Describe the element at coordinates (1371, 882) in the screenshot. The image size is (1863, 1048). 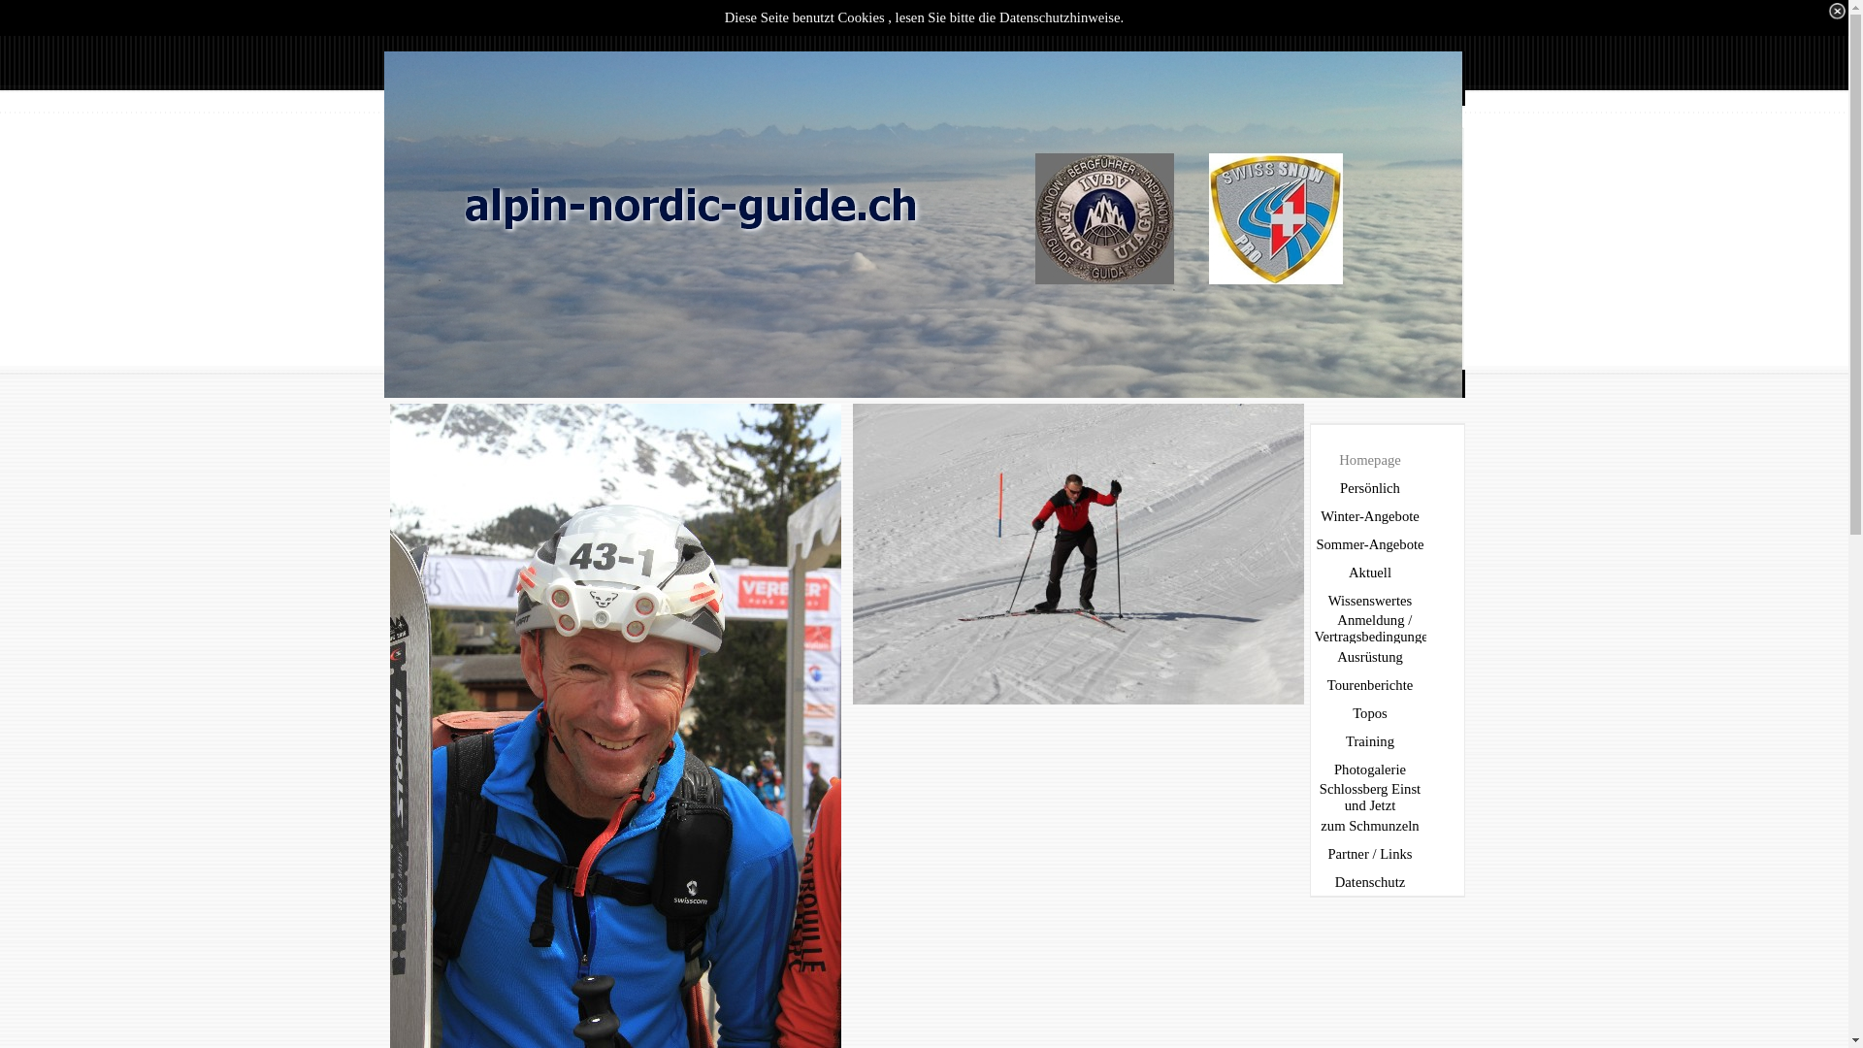
I see `'Datenschutz'` at that location.